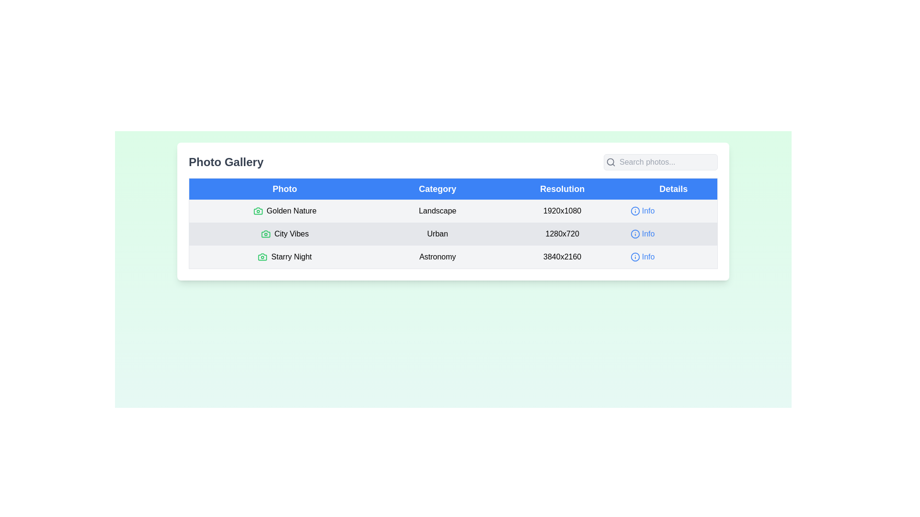 The height and width of the screenshot is (517, 920). I want to click on the blue rectangular tab labeled 'Category', which is the second tab from the left in a row of four tabs above the table of photo categories, so click(437, 189).